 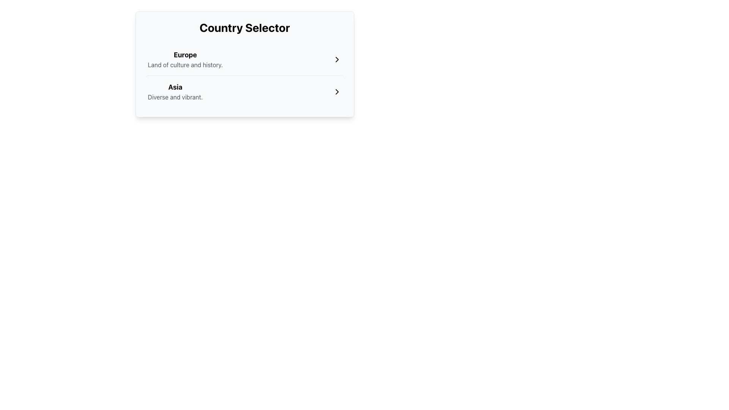 What do you see at coordinates (336, 59) in the screenshot?
I see `the navigational icon on the far right of the 'Europe' category` at bounding box center [336, 59].